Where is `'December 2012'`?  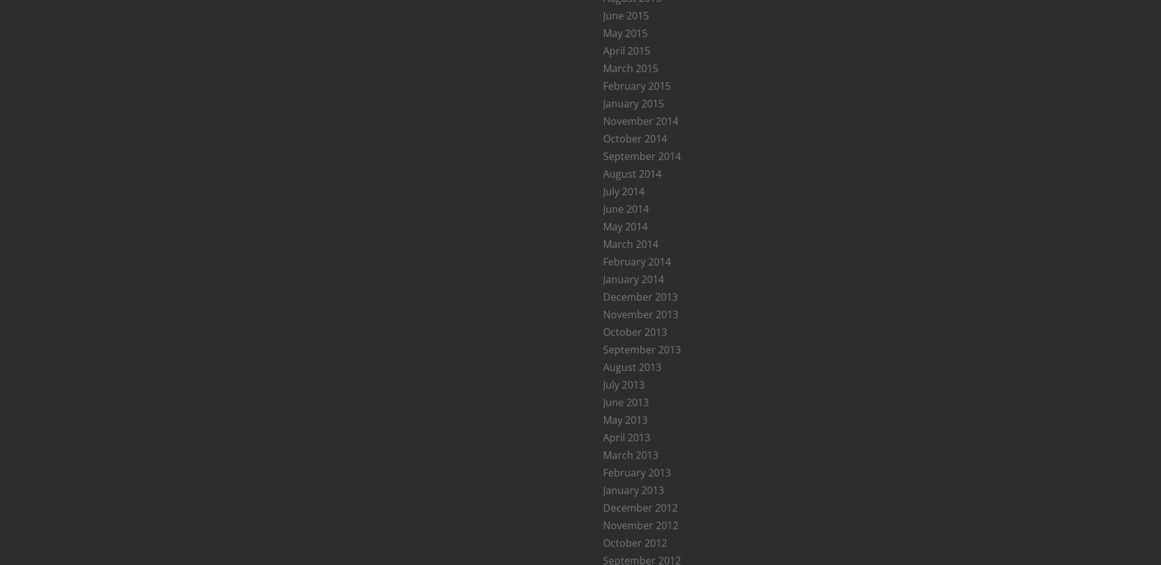 'December 2012' is located at coordinates (639, 507).